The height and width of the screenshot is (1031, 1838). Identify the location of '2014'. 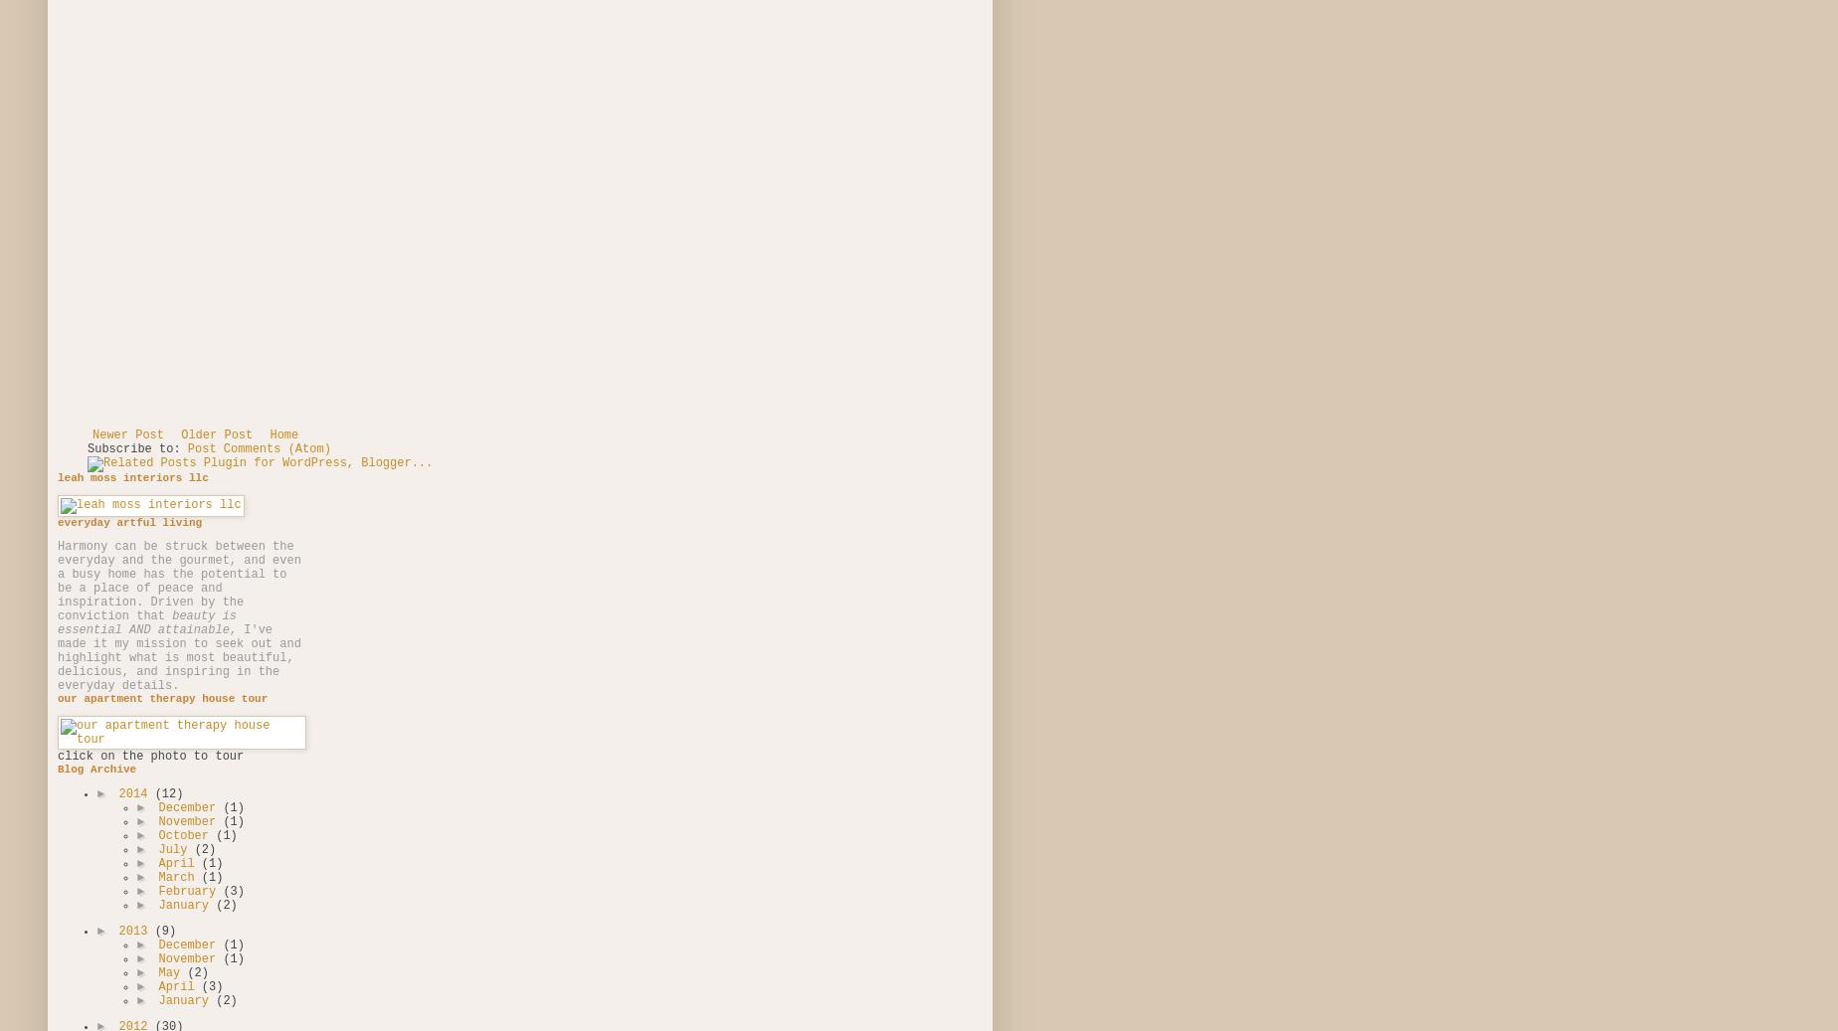
(118, 792).